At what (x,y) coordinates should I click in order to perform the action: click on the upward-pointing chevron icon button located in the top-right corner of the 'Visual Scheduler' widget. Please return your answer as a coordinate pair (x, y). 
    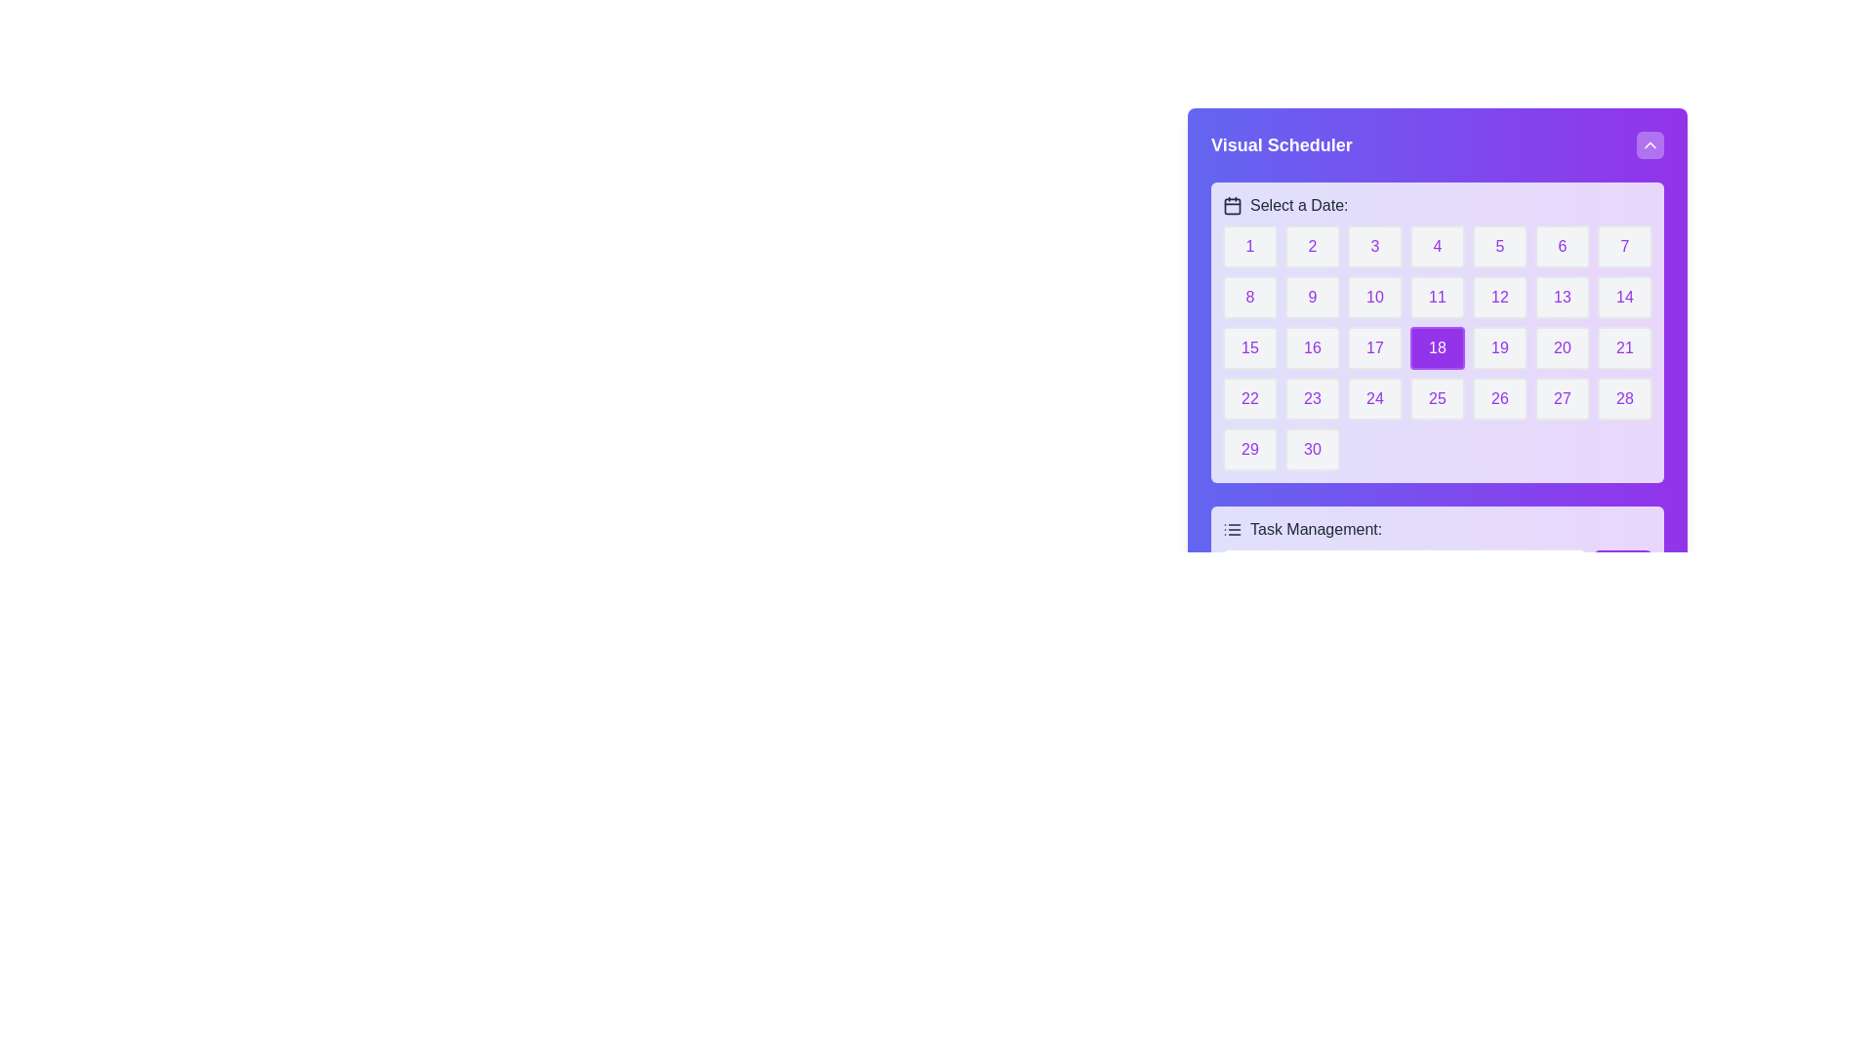
    Looking at the image, I should click on (1649, 144).